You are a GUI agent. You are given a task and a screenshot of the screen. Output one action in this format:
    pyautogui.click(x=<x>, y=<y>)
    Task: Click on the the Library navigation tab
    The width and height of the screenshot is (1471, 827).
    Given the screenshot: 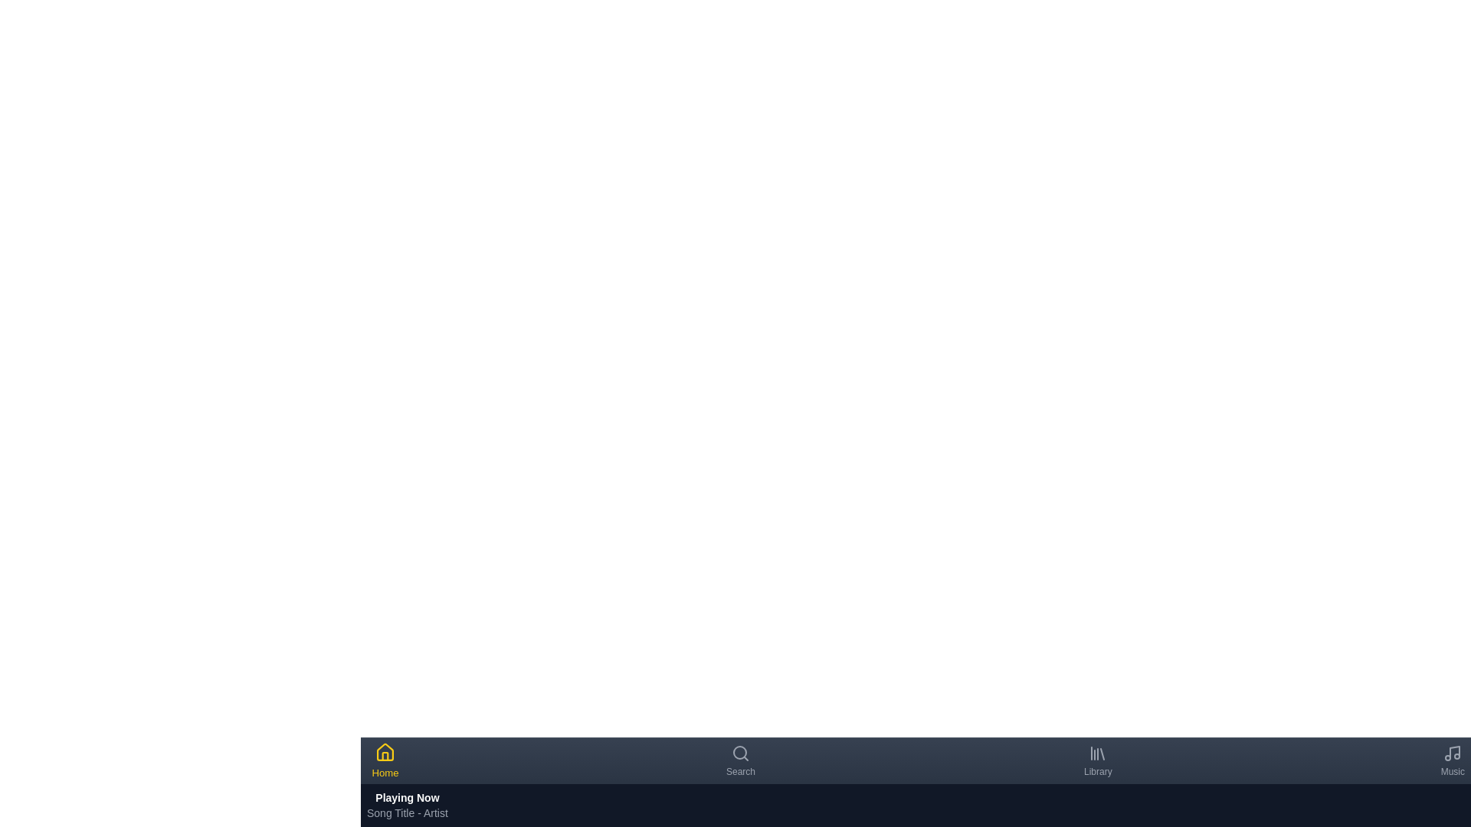 What is the action you would take?
    pyautogui.click(x=1097, y=761)
    